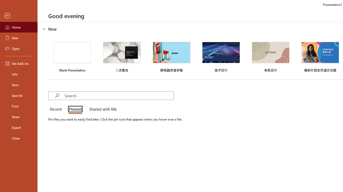 The height and width of the screenshot is (192, 343). I want to click on 'Shared with Me', so click(102, 109).